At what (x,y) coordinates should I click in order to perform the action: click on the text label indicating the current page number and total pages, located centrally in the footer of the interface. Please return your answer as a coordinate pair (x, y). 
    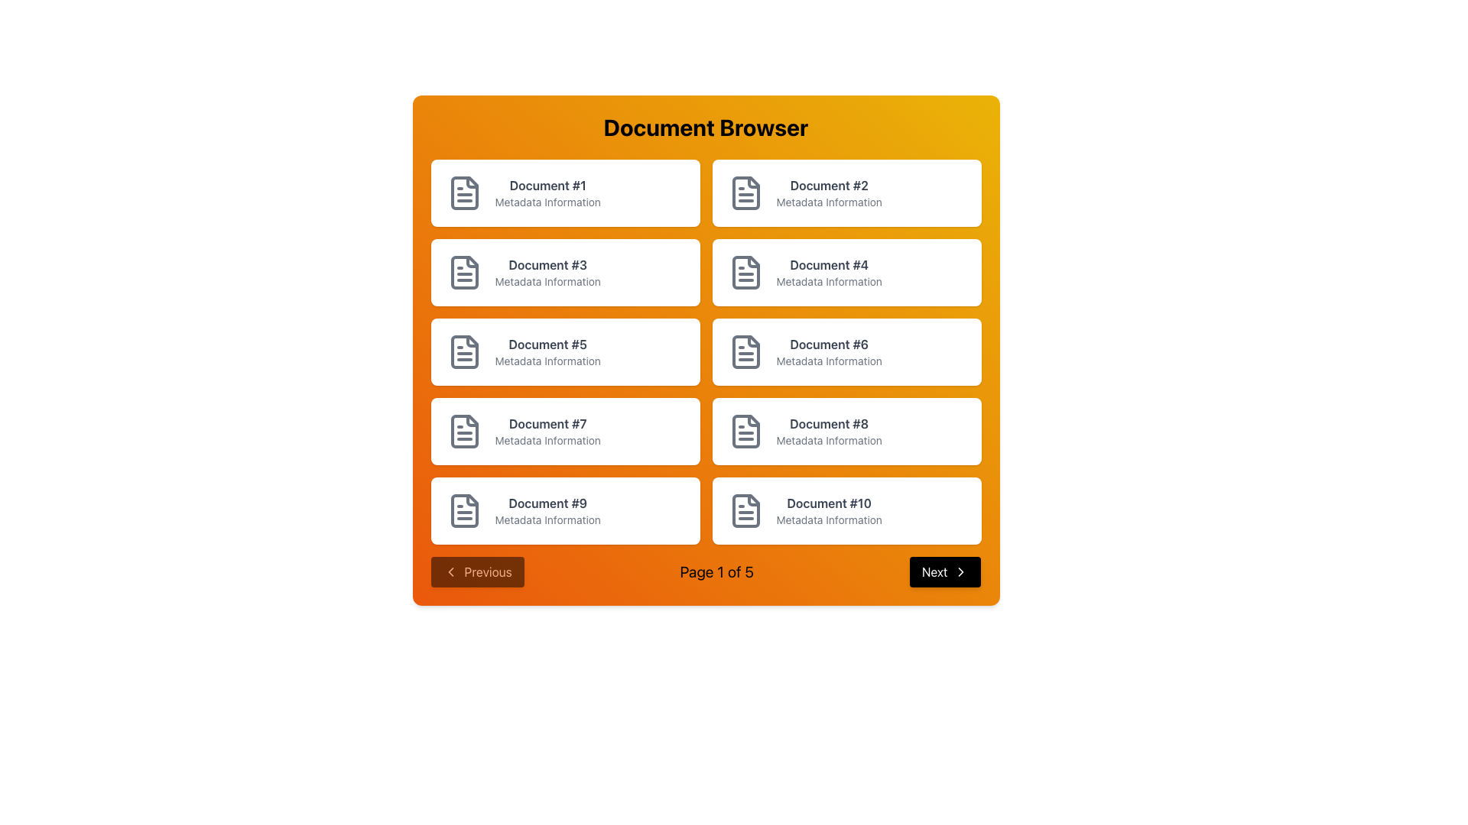
    Looking at the image, I should click on (716, 571).